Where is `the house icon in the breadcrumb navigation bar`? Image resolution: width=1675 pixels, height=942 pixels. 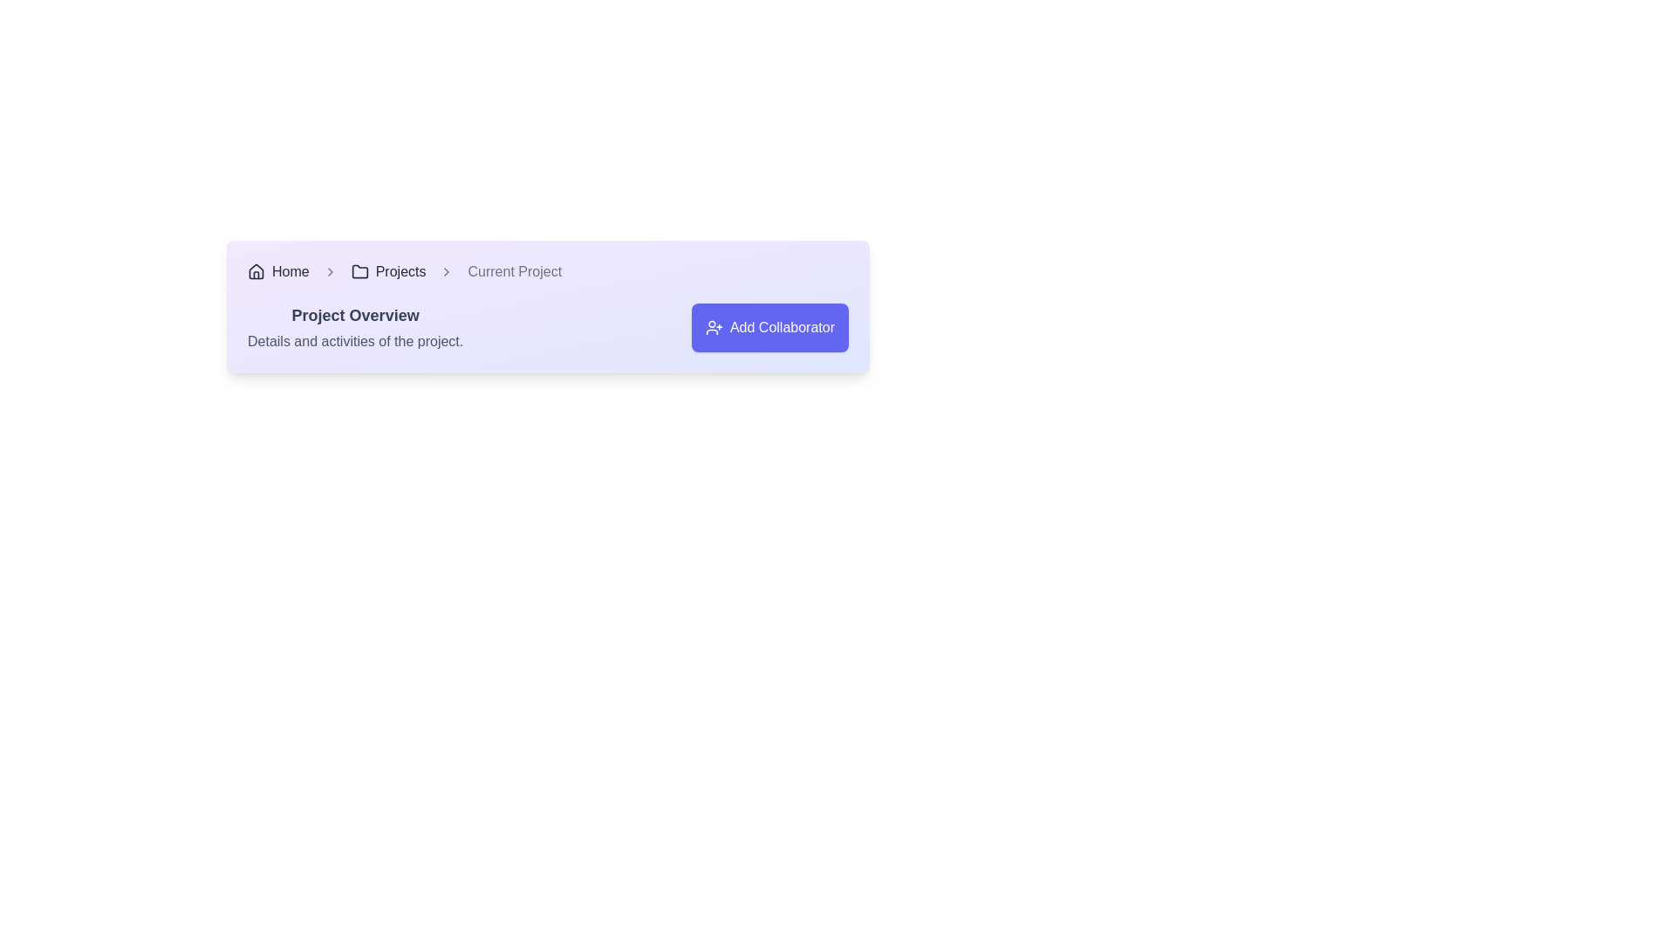 the house icon in the breadcrumb navigation bar is located at coordinates (255, 272).